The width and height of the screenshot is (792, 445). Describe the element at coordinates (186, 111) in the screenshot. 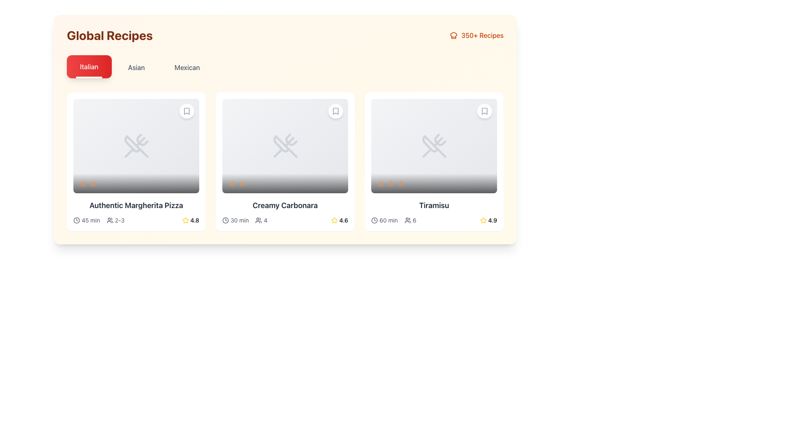

I see `the bookmark button located in the top-right section of the 'Authentic Margherita Pizza' card` at that location.